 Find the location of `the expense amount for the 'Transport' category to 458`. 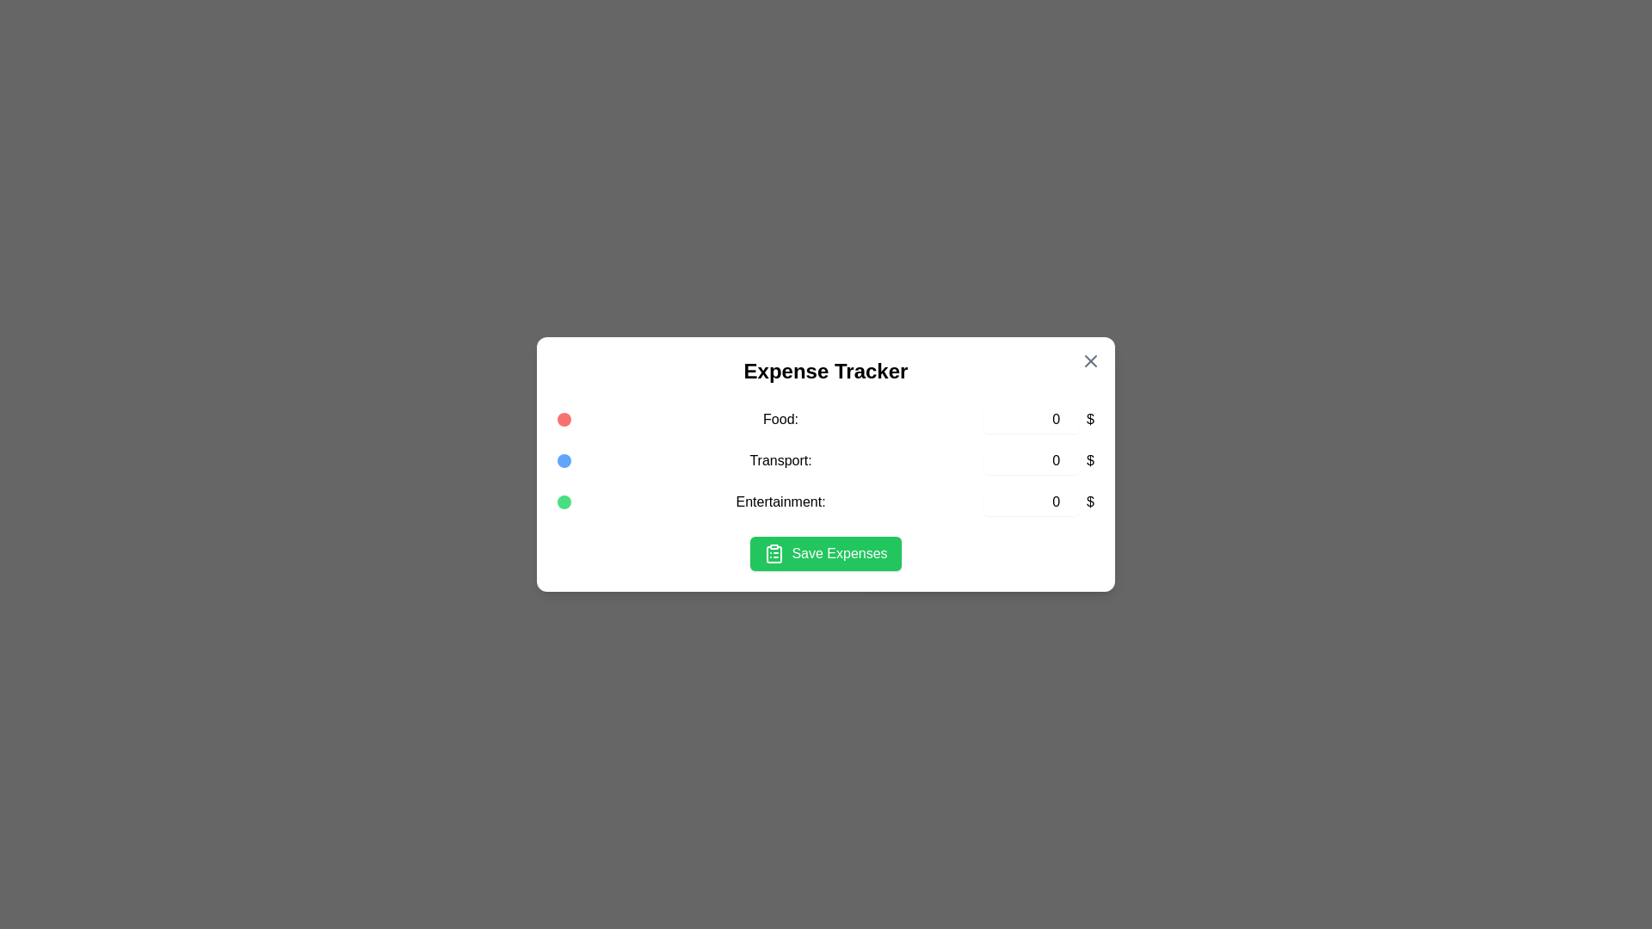

the expense amount for the 'Transport' category to 458 is located at coordinates (1032, 460).